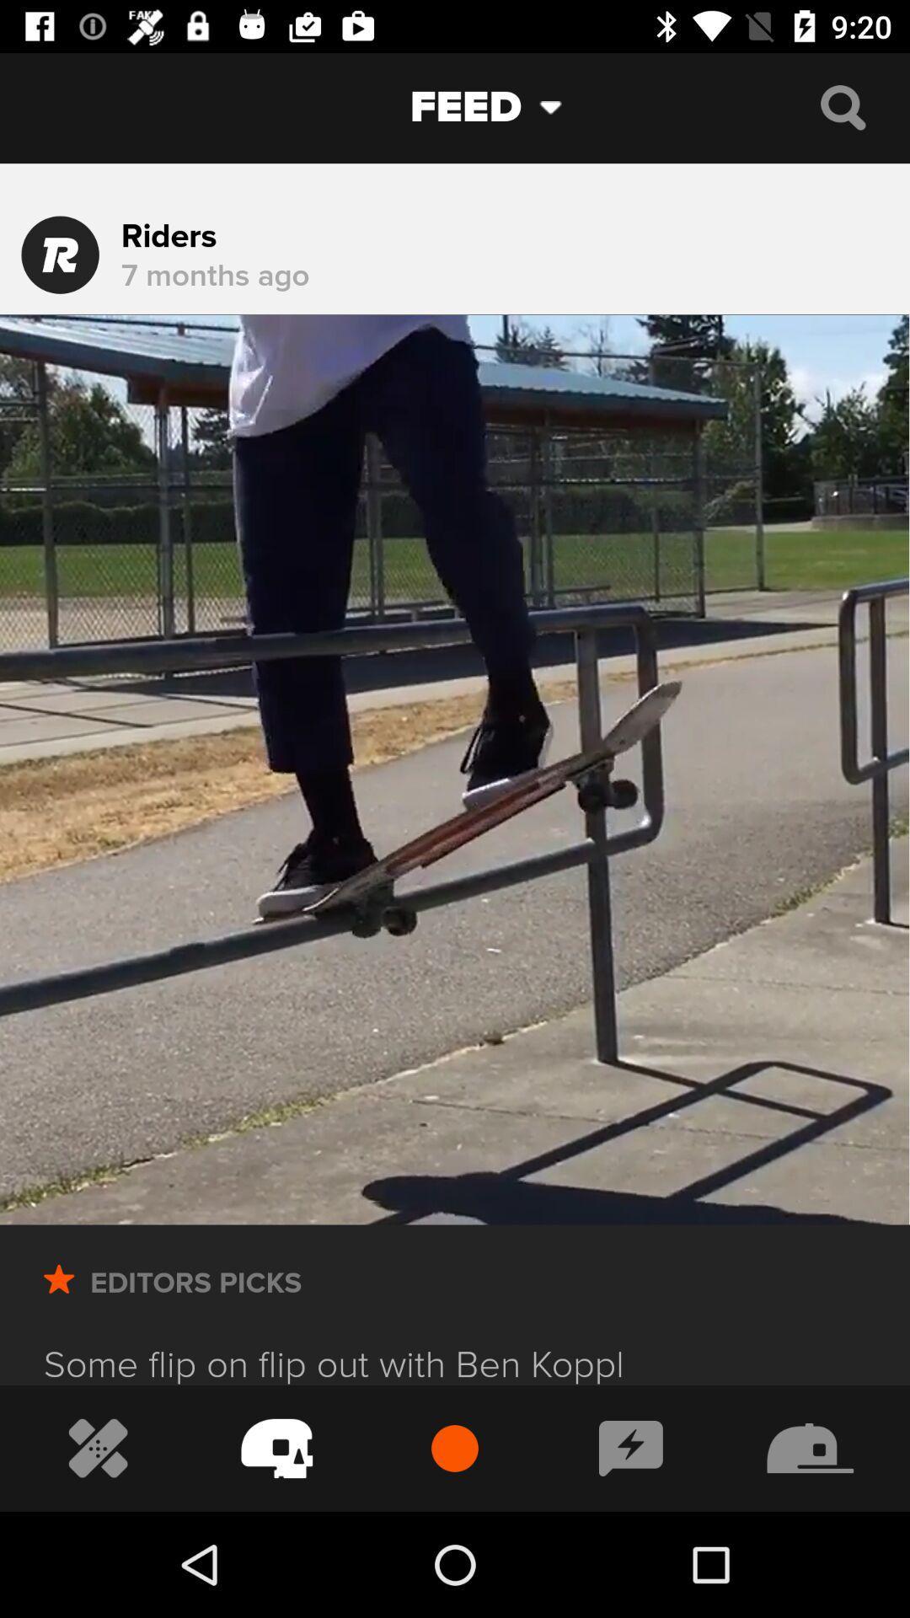 This screenshot has width=910, height=1618. I want to click on saved, so click(58, 1302).